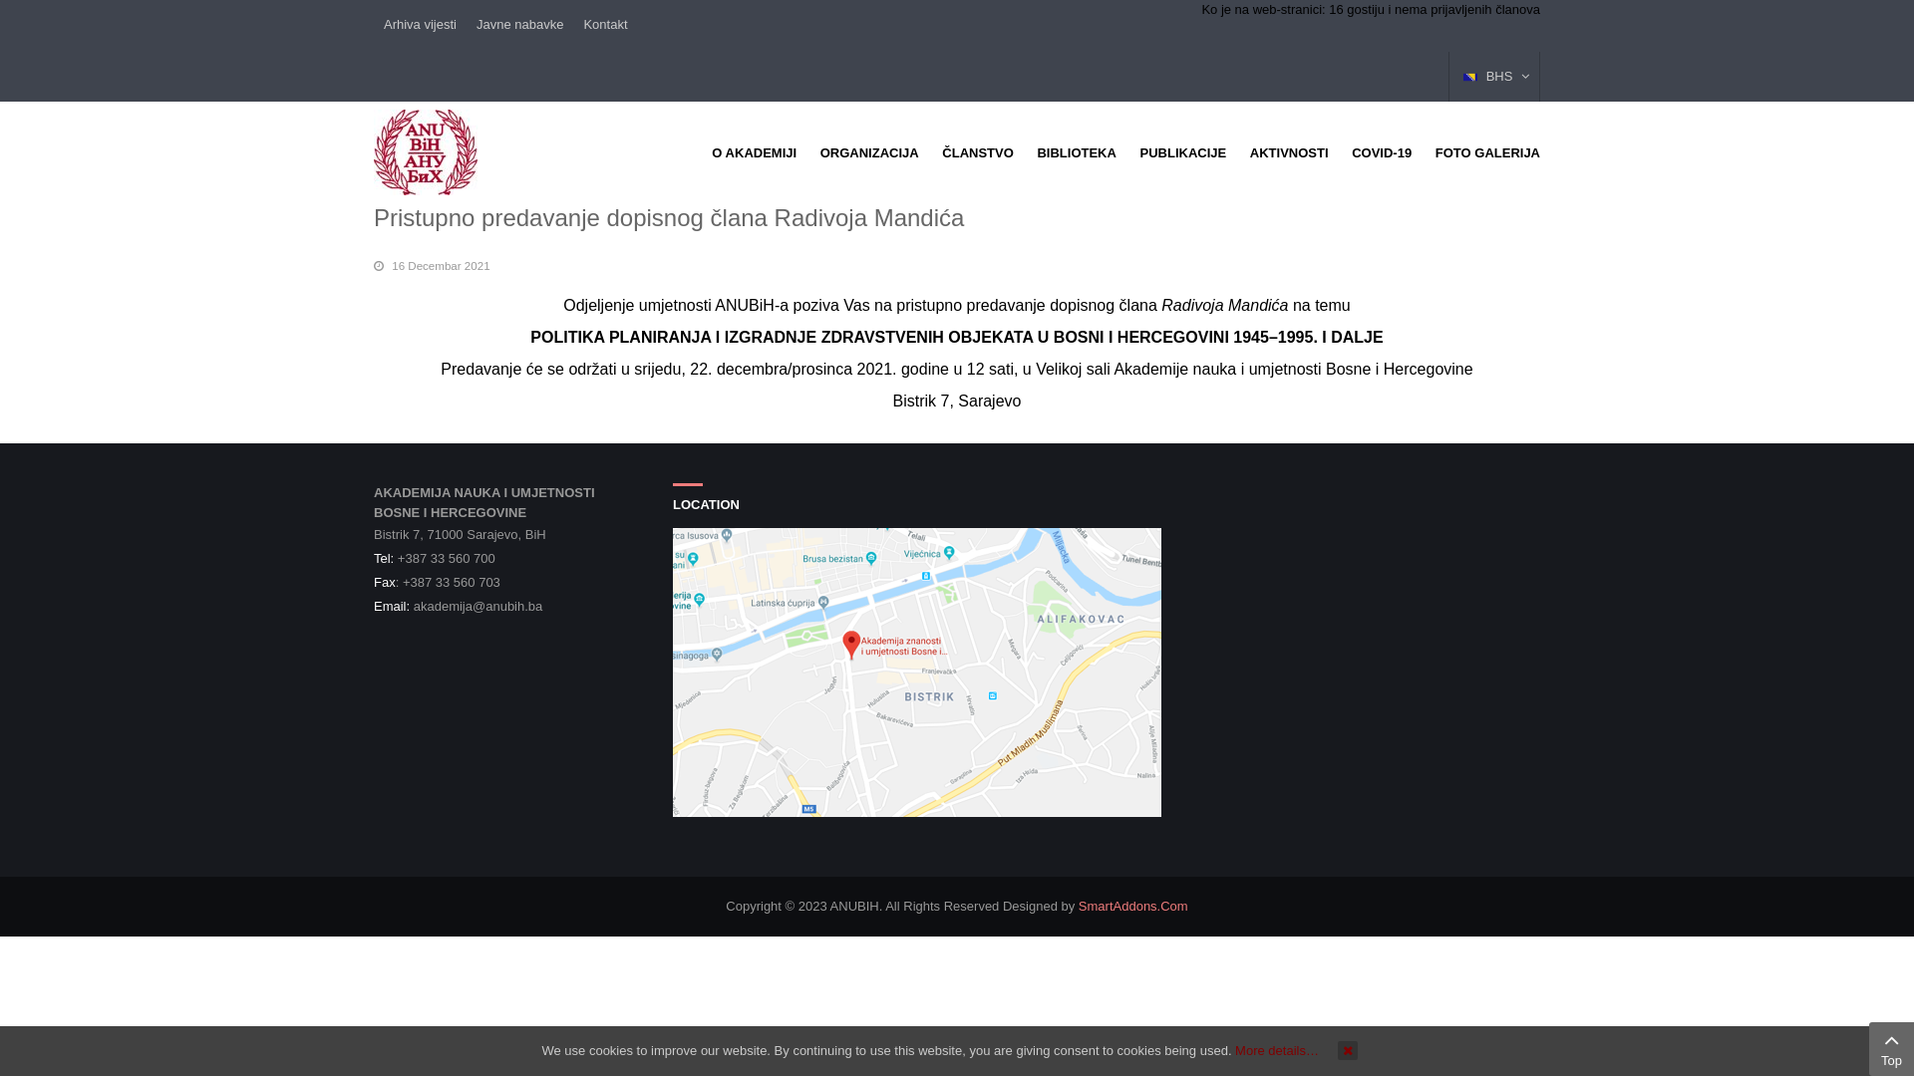 The width and height of the screenshot is (1914, 1076). What do you see at coordinates (1493, 76) in the screenshot?
I see `'BHS'` at bounding box center [1493, 76].